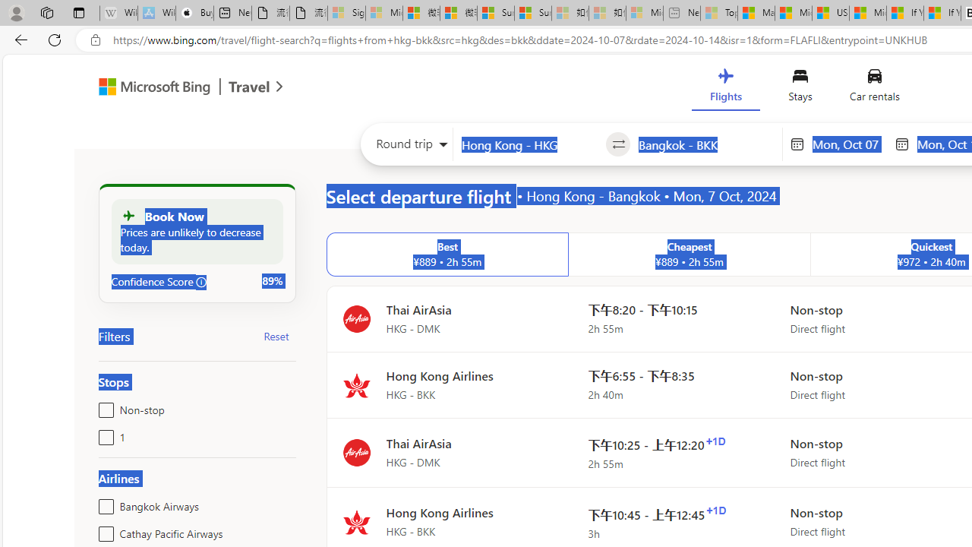 This screenshot has width=972, height=547. I want to click on 'Info tooltip', so click(200, 282).